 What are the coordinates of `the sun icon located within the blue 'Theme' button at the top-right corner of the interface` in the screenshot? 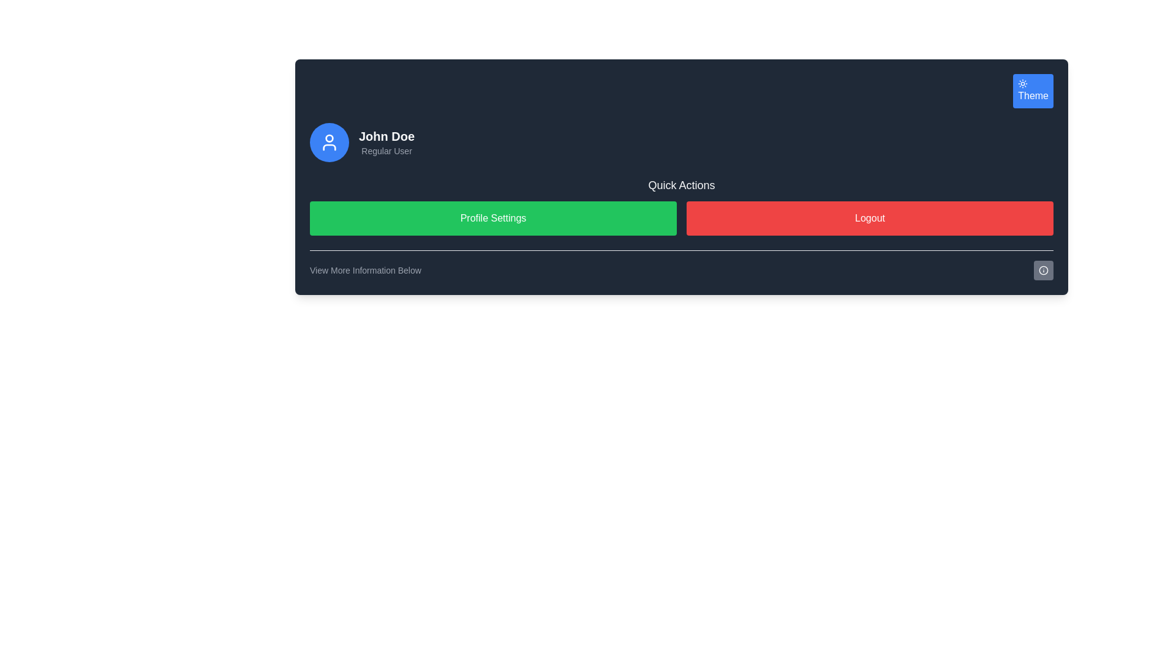 It's located at (1023, 83).